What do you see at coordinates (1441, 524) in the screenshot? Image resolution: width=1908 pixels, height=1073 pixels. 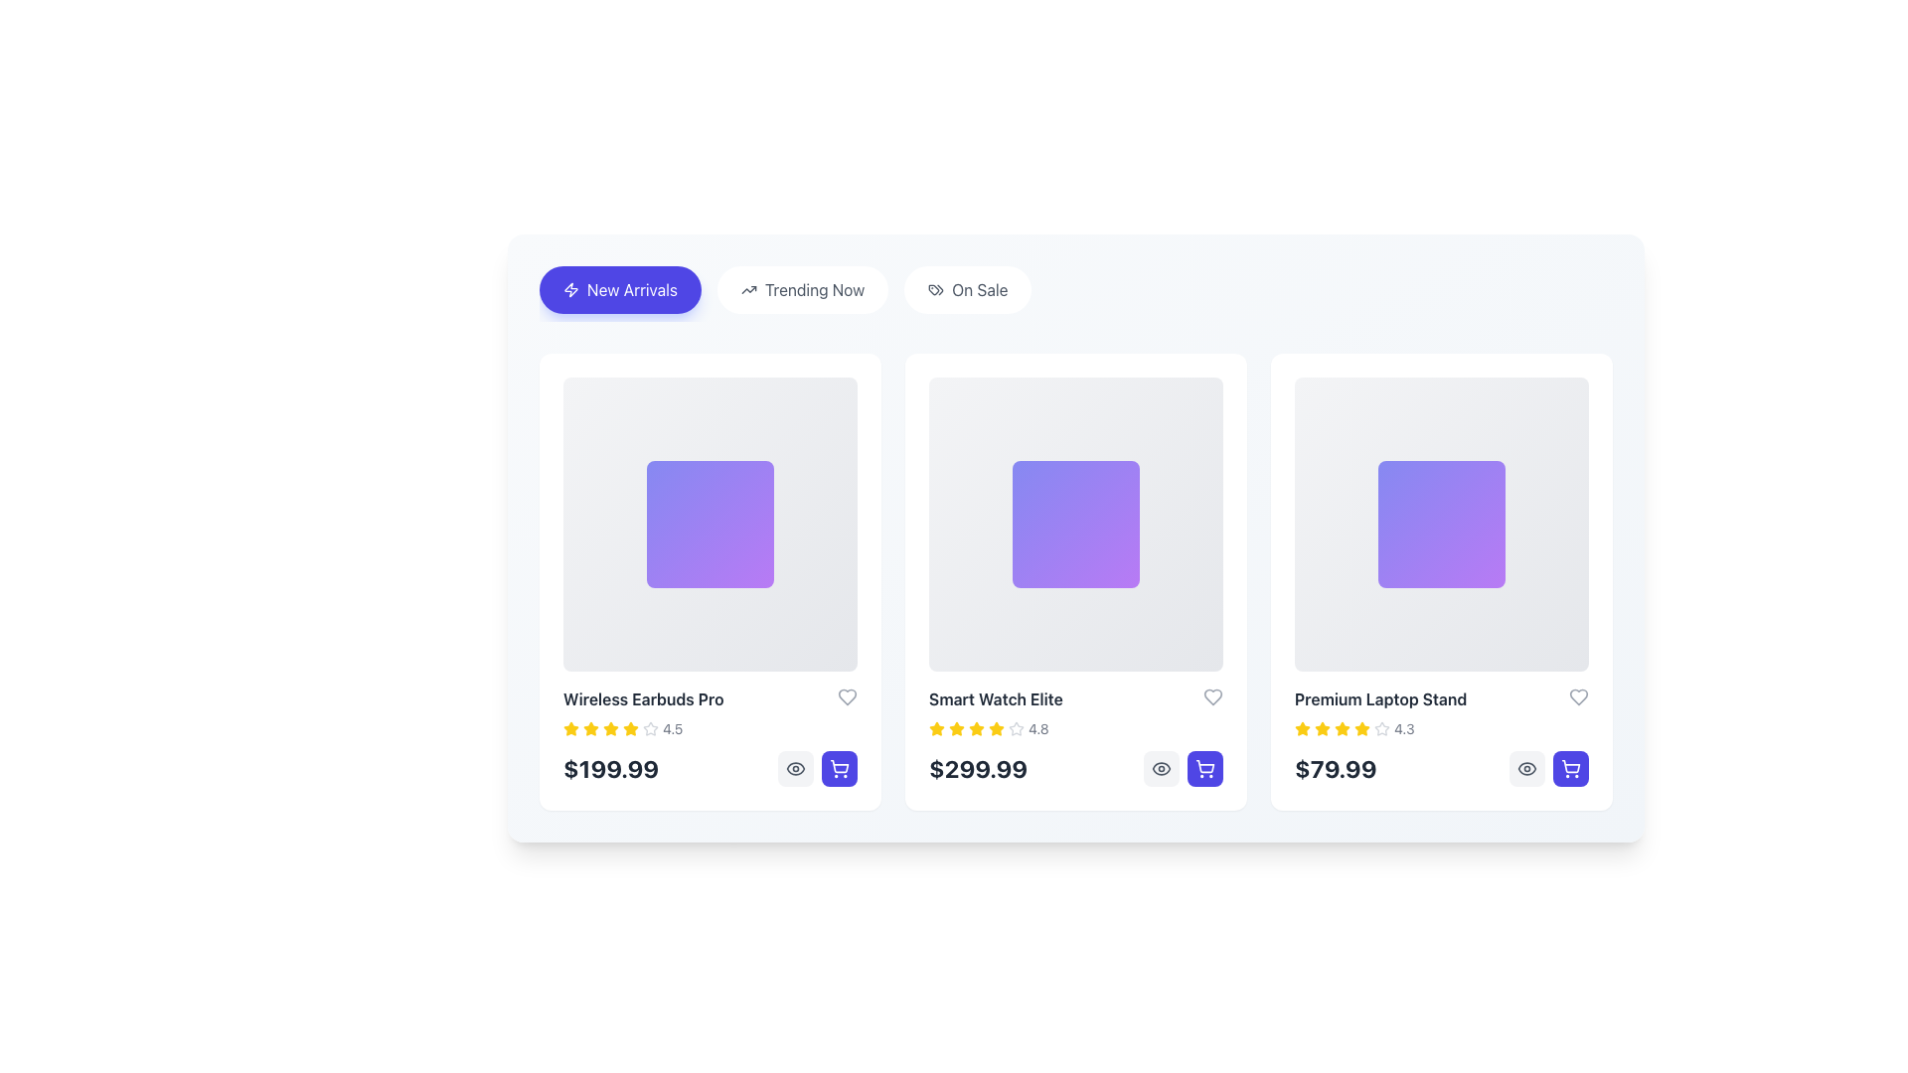 I see `the decorative visual element that emphasizes the 'Premium Laptop Stand' within its card layout, located in the bottom-right section of the grid layout` at bounding box center [1441, 524].